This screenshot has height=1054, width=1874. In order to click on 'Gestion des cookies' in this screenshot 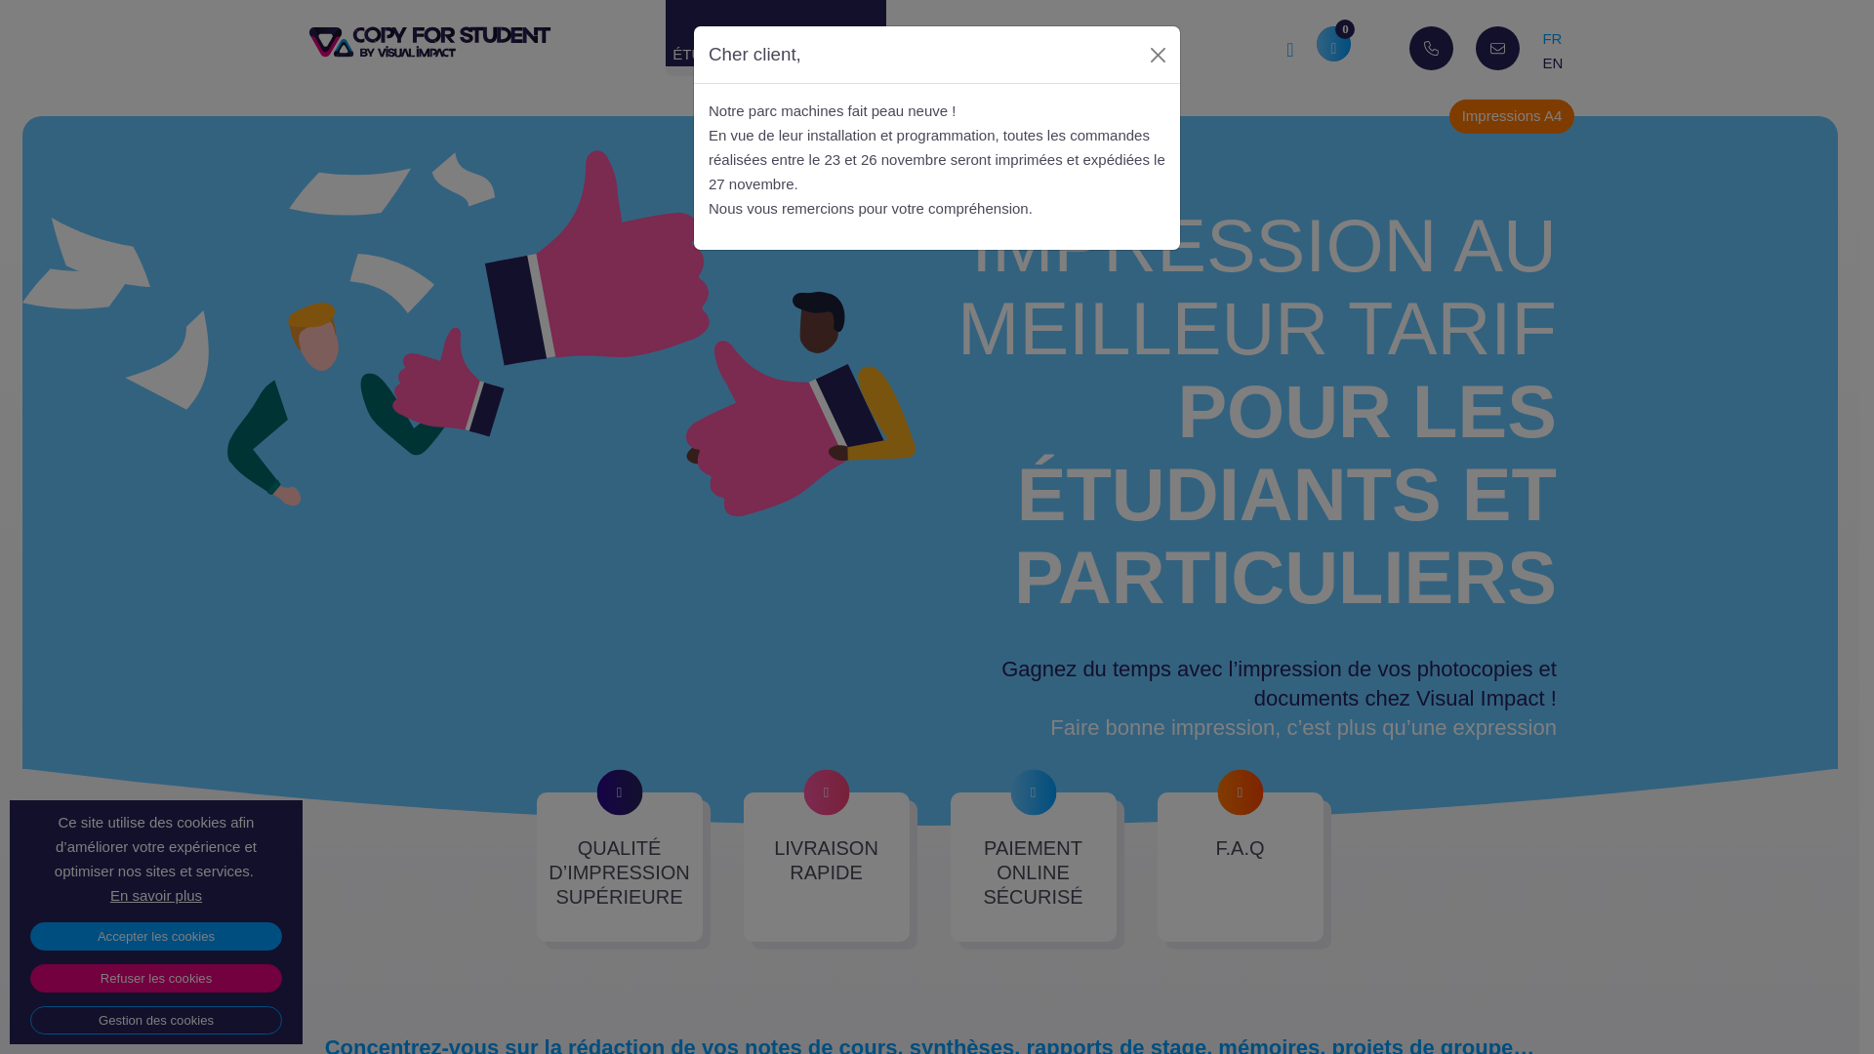, I will do `click(154, 1019)`.